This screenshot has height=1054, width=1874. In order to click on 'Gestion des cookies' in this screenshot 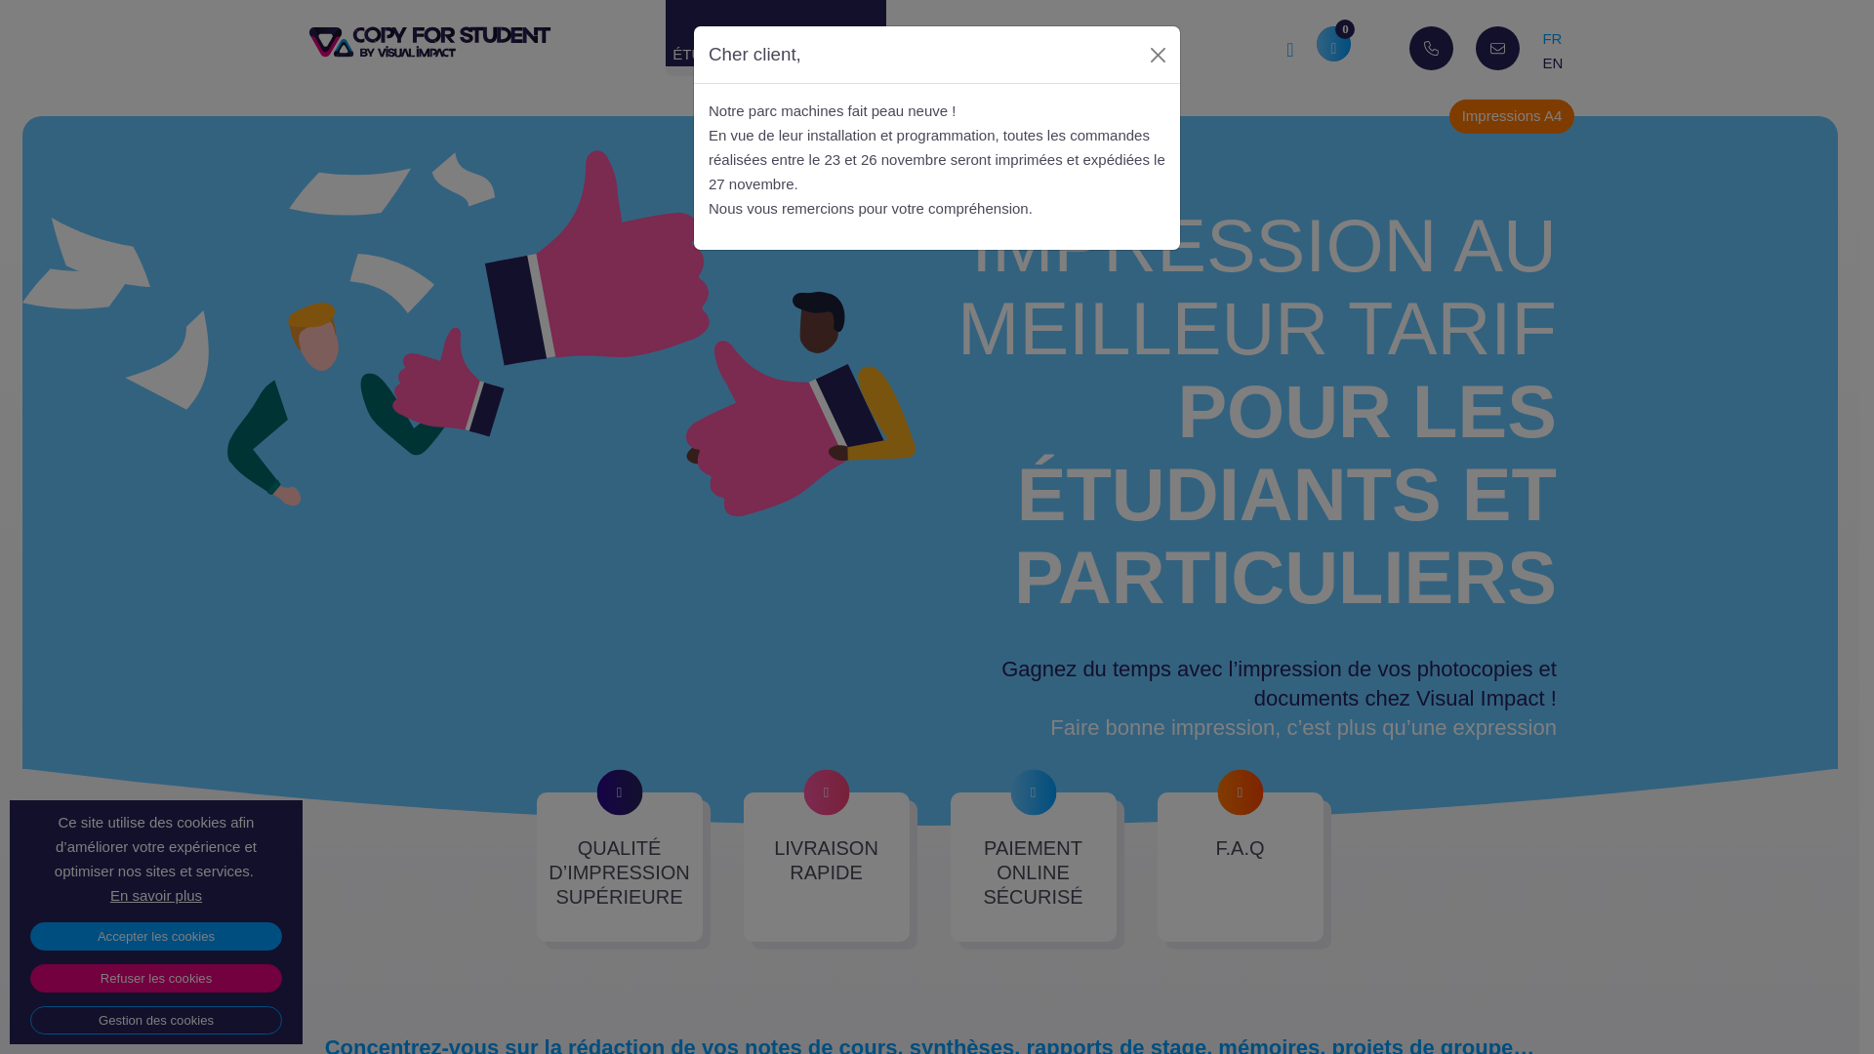, I will do `click(154, 1019)`.